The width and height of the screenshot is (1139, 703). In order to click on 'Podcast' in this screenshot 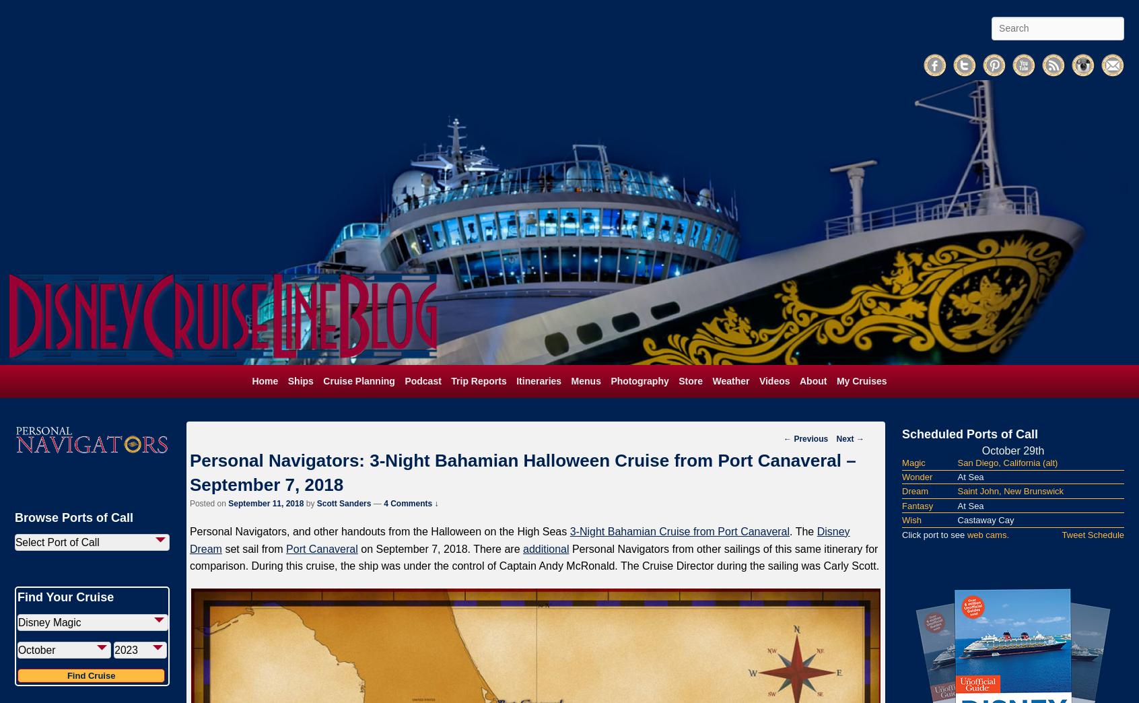, I will do `click(422, 380)`.